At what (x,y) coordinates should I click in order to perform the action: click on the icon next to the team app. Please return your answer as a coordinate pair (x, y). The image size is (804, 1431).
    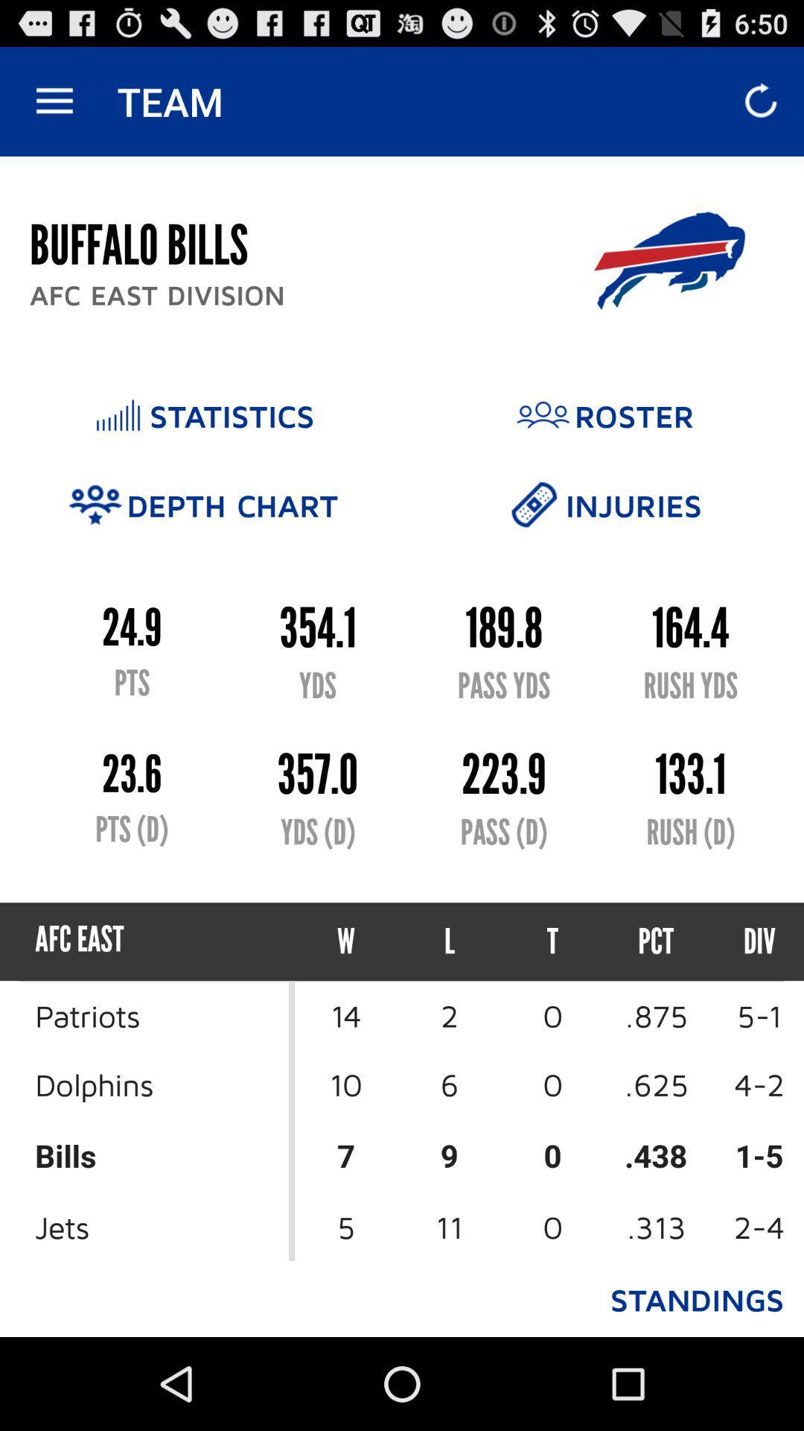
    Looking at the image, I should click on (54, 101).